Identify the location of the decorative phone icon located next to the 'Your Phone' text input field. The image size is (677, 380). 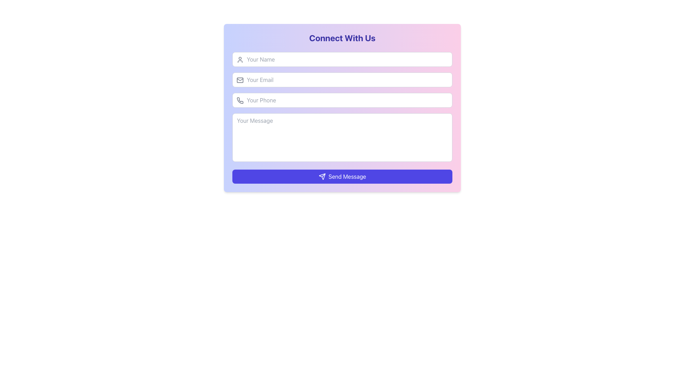
(240, 100).